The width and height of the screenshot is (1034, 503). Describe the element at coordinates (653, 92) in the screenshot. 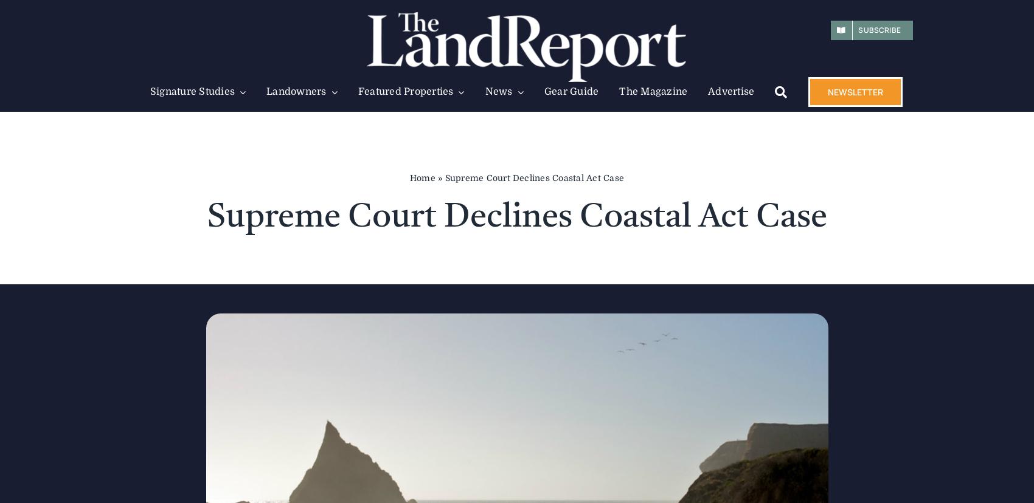

I see `'The Magazine'` at that location.